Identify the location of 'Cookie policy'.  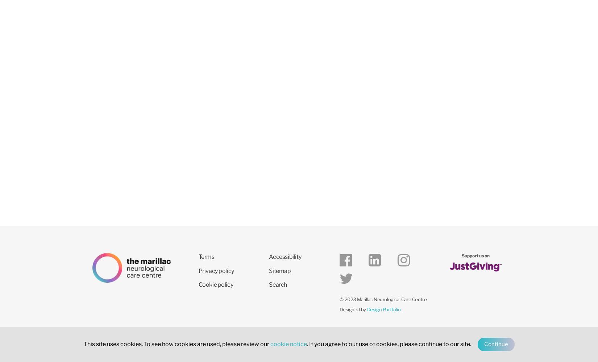
(215, 285).